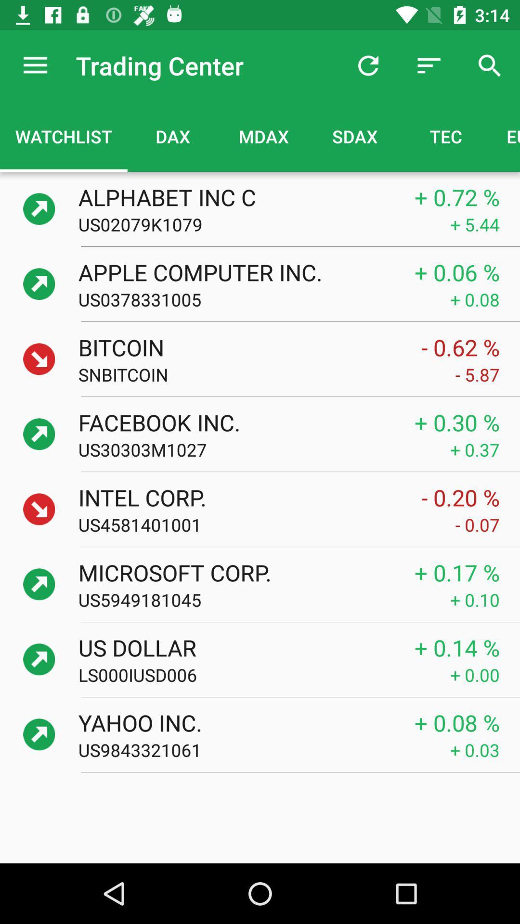 This screenshot has height=924, width=520. Describe the element at coordinates (236, 271) in the screenshot. I see `the item above the us0378331005 item` at that location.